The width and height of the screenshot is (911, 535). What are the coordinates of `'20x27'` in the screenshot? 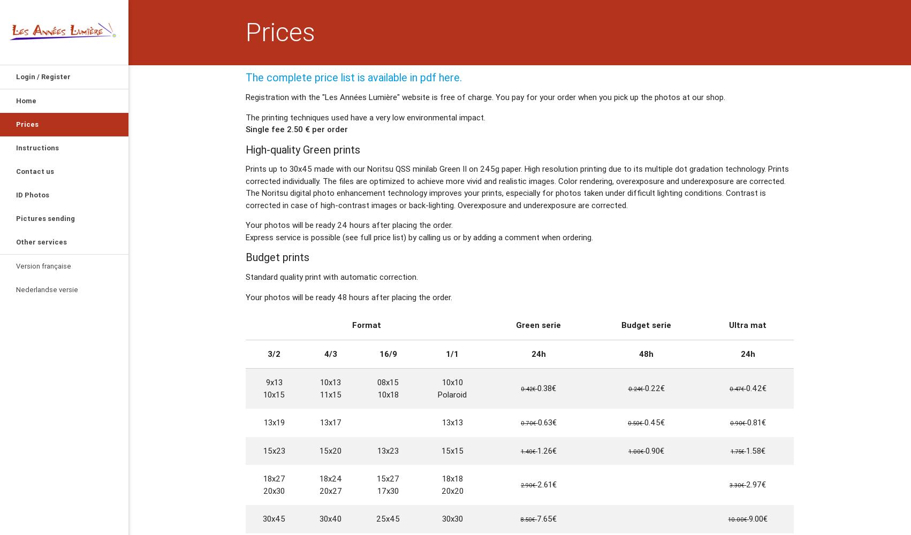 It's located at (330, 490).